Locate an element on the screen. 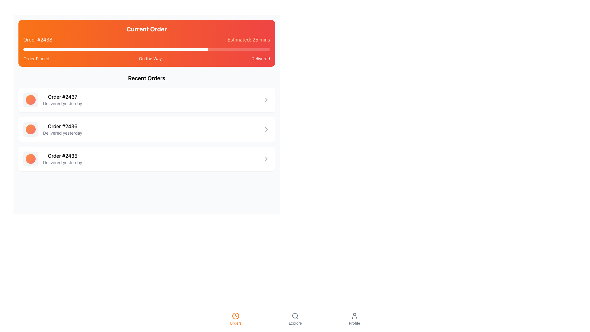 Image resolution: width=590 pixels, height=332 pixels. the header text indicating recent orders, which is located at the top of the section dedicated to listing orders is located at coordinates (146, 78).